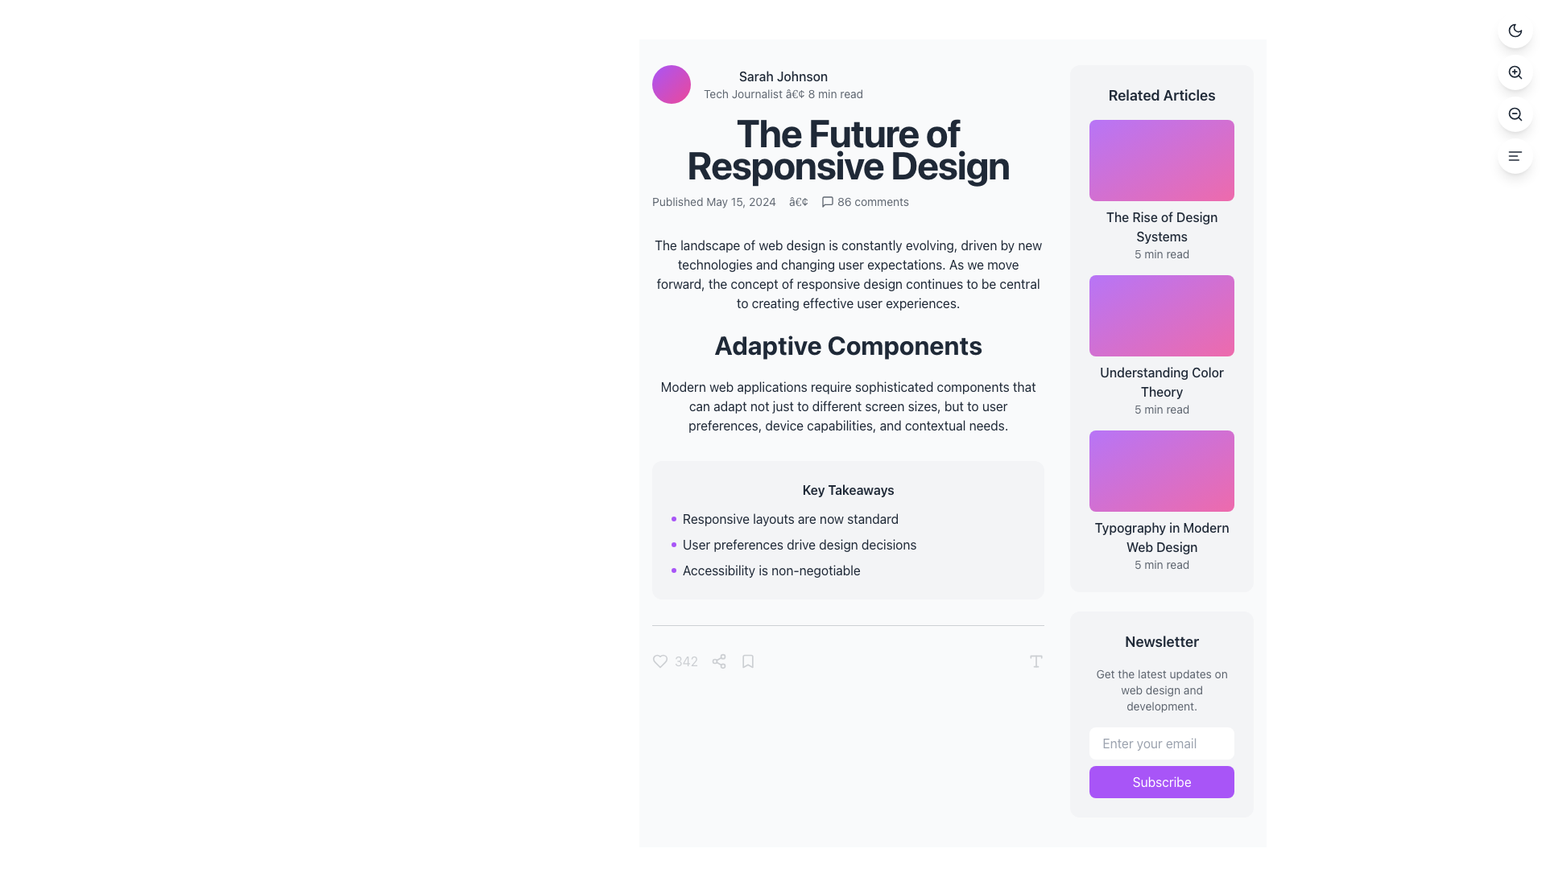  I want to click on the comments icon, which is part of a horizontal group located just below the main title of the page and indicates '86 comments', so click(827, 200).